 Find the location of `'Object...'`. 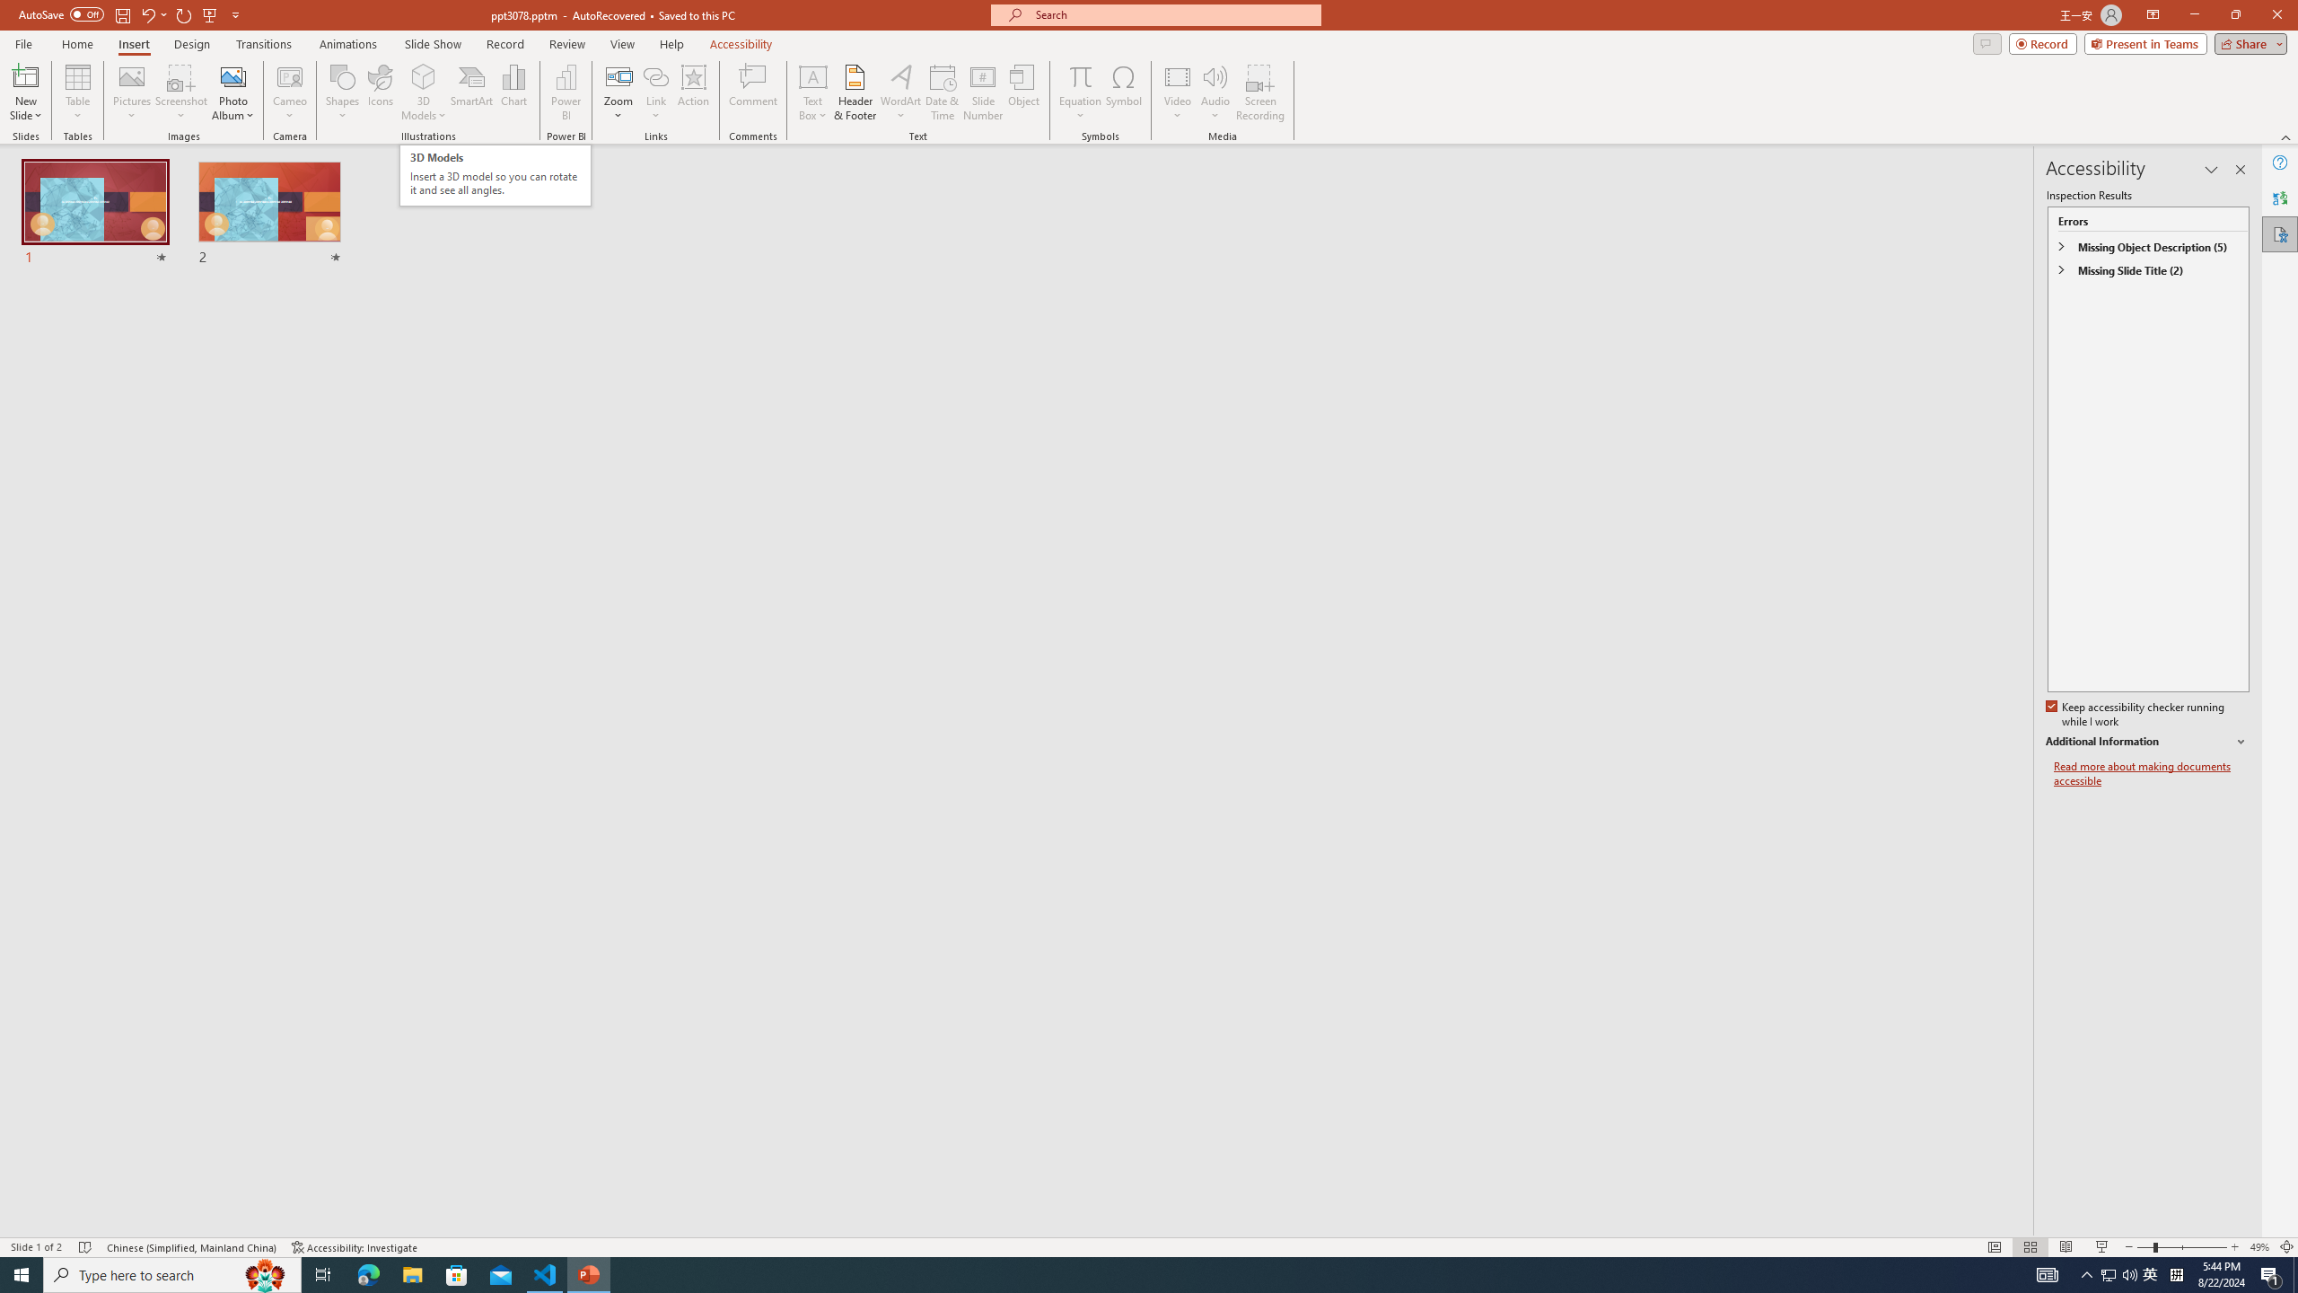

'Object...' is located at coordinates (1024, 92).